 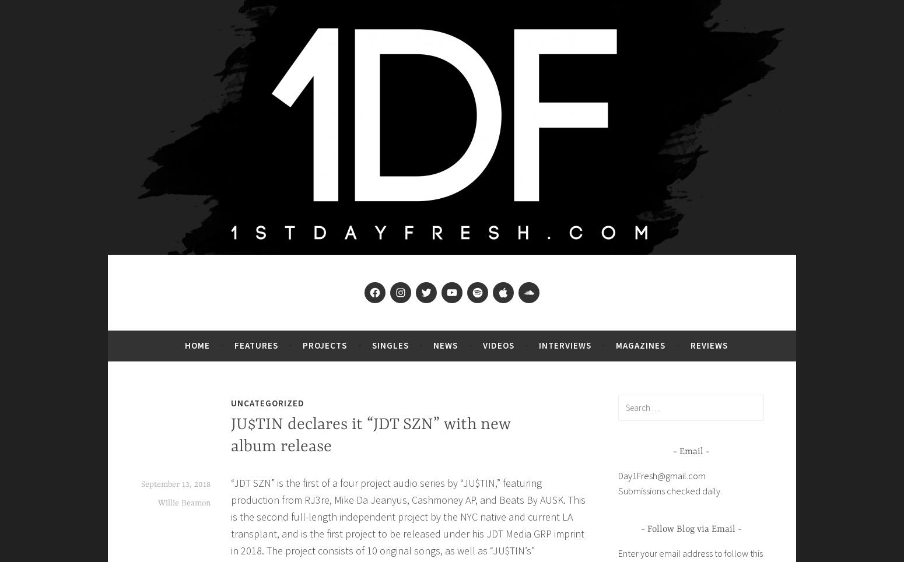 I want to click on 'Features', so click(x=256, y=344).